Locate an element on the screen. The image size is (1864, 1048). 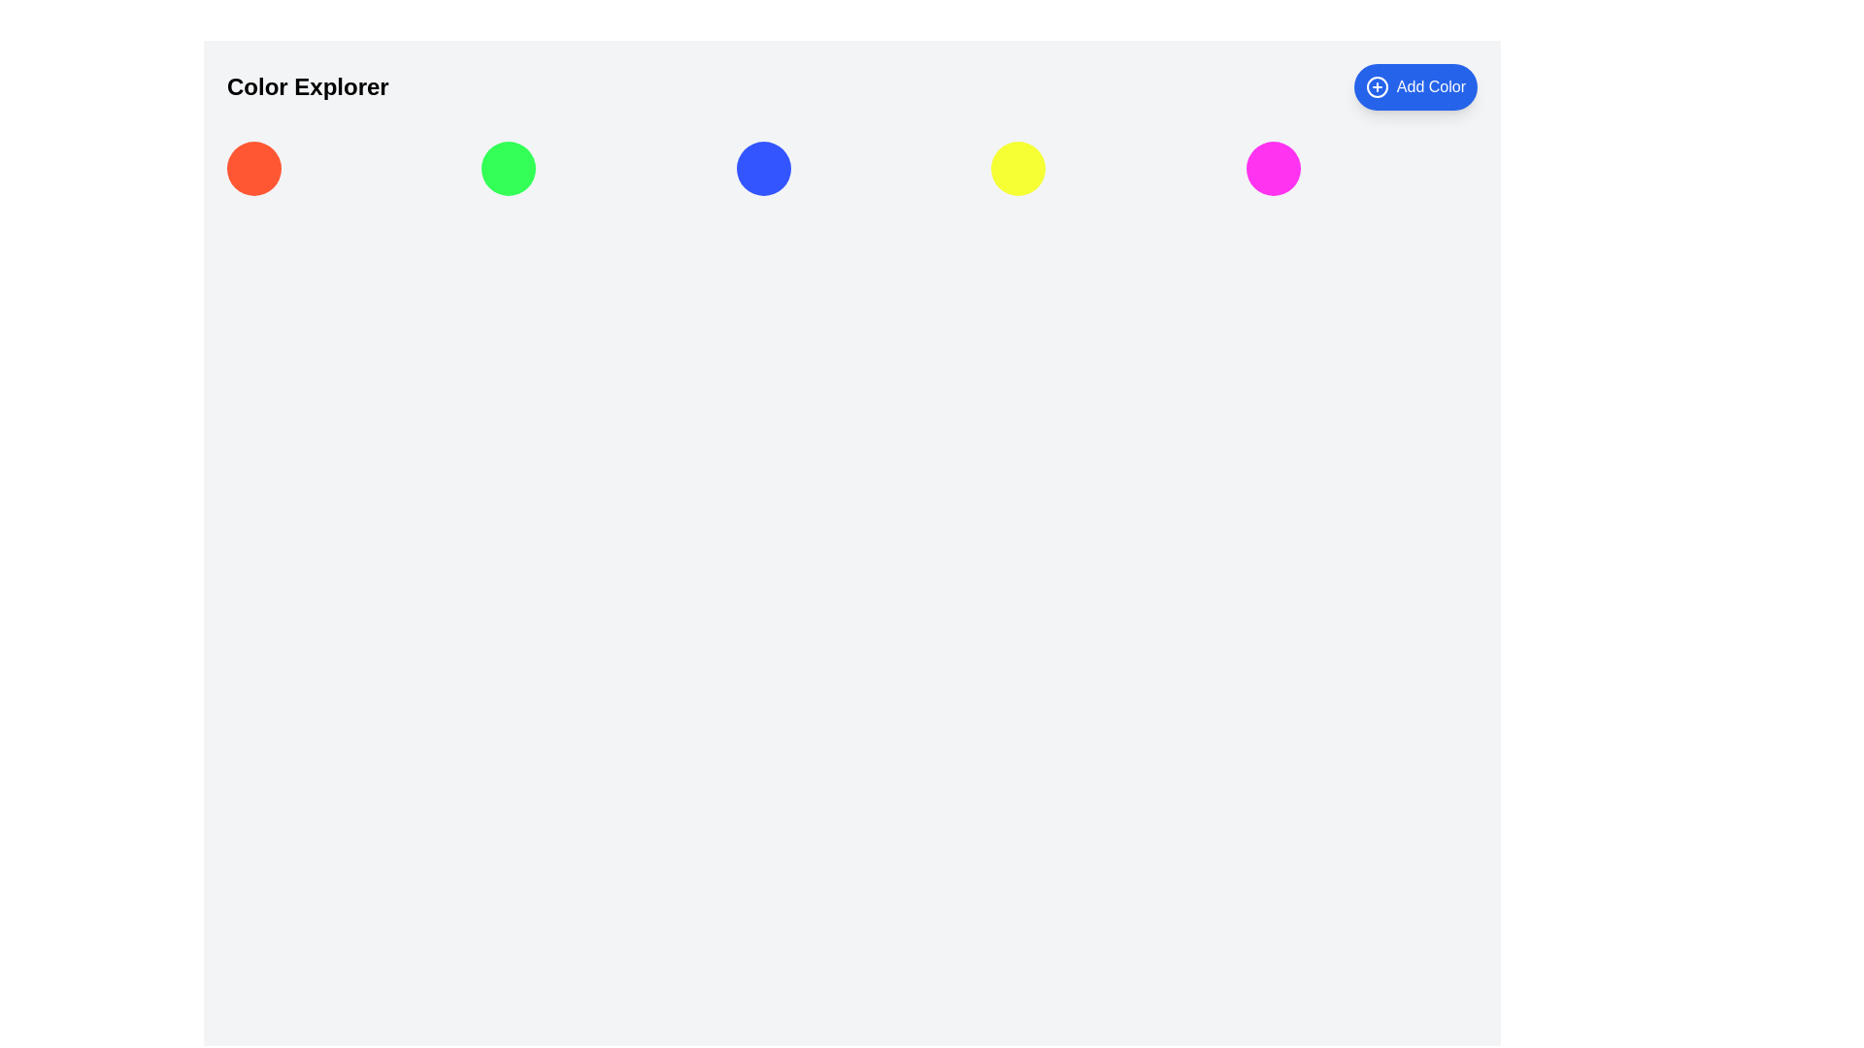
the fifth circular Selectable color option filled with bright magenta color, located under the title 'Color Explorer' is located at coordinates (1273, 167).